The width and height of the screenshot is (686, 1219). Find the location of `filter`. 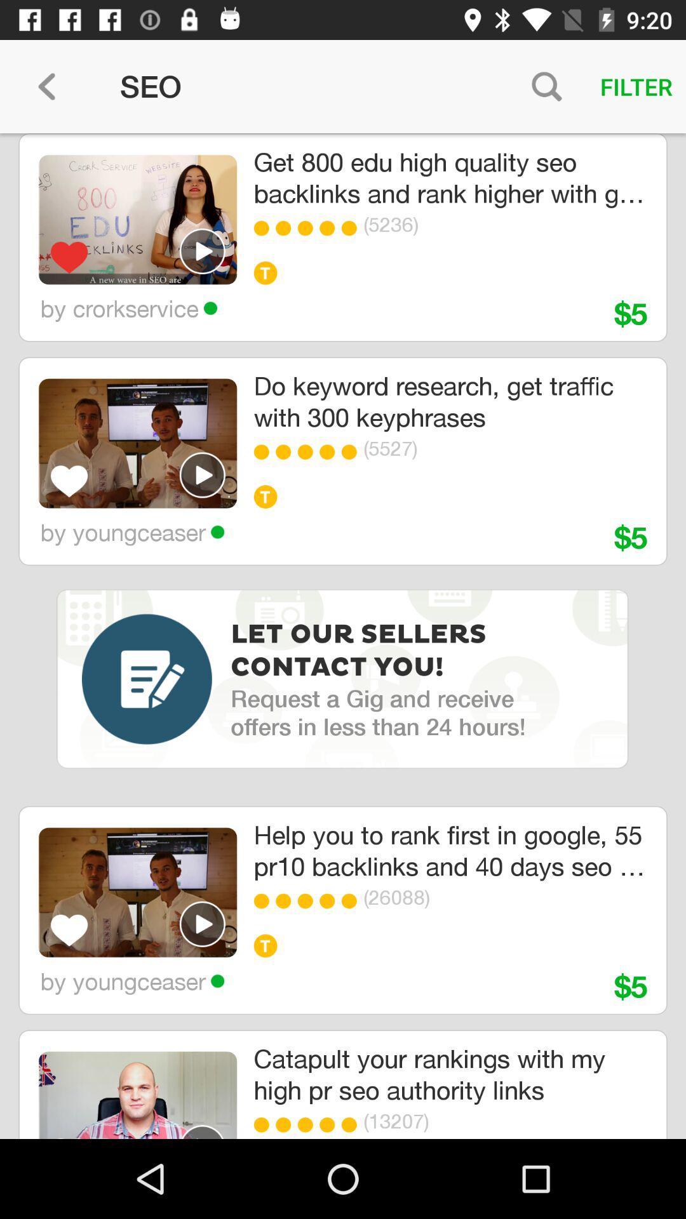

filter is located at coordinates (636, 86).